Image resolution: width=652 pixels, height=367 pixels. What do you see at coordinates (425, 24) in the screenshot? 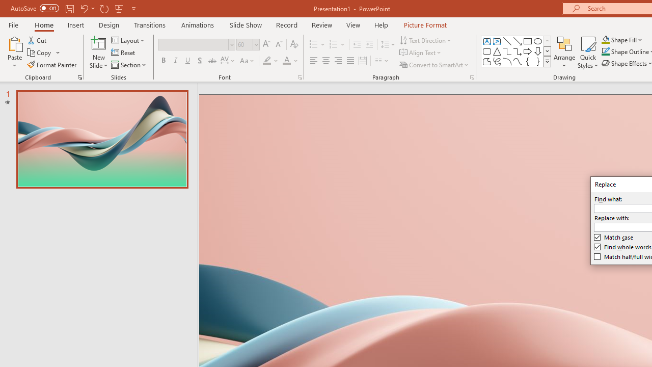
I see `'Picture Format'` at bounding box center [425, 24].